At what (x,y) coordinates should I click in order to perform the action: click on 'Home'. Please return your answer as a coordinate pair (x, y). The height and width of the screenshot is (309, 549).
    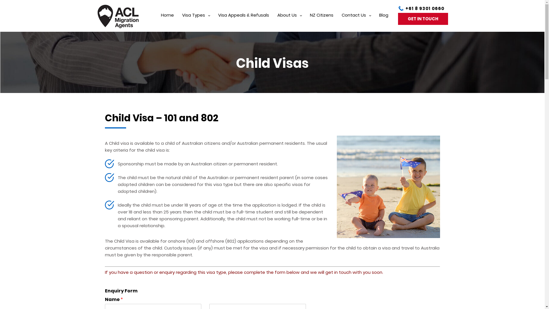
    Looking at the image, I should click on (167, 22).